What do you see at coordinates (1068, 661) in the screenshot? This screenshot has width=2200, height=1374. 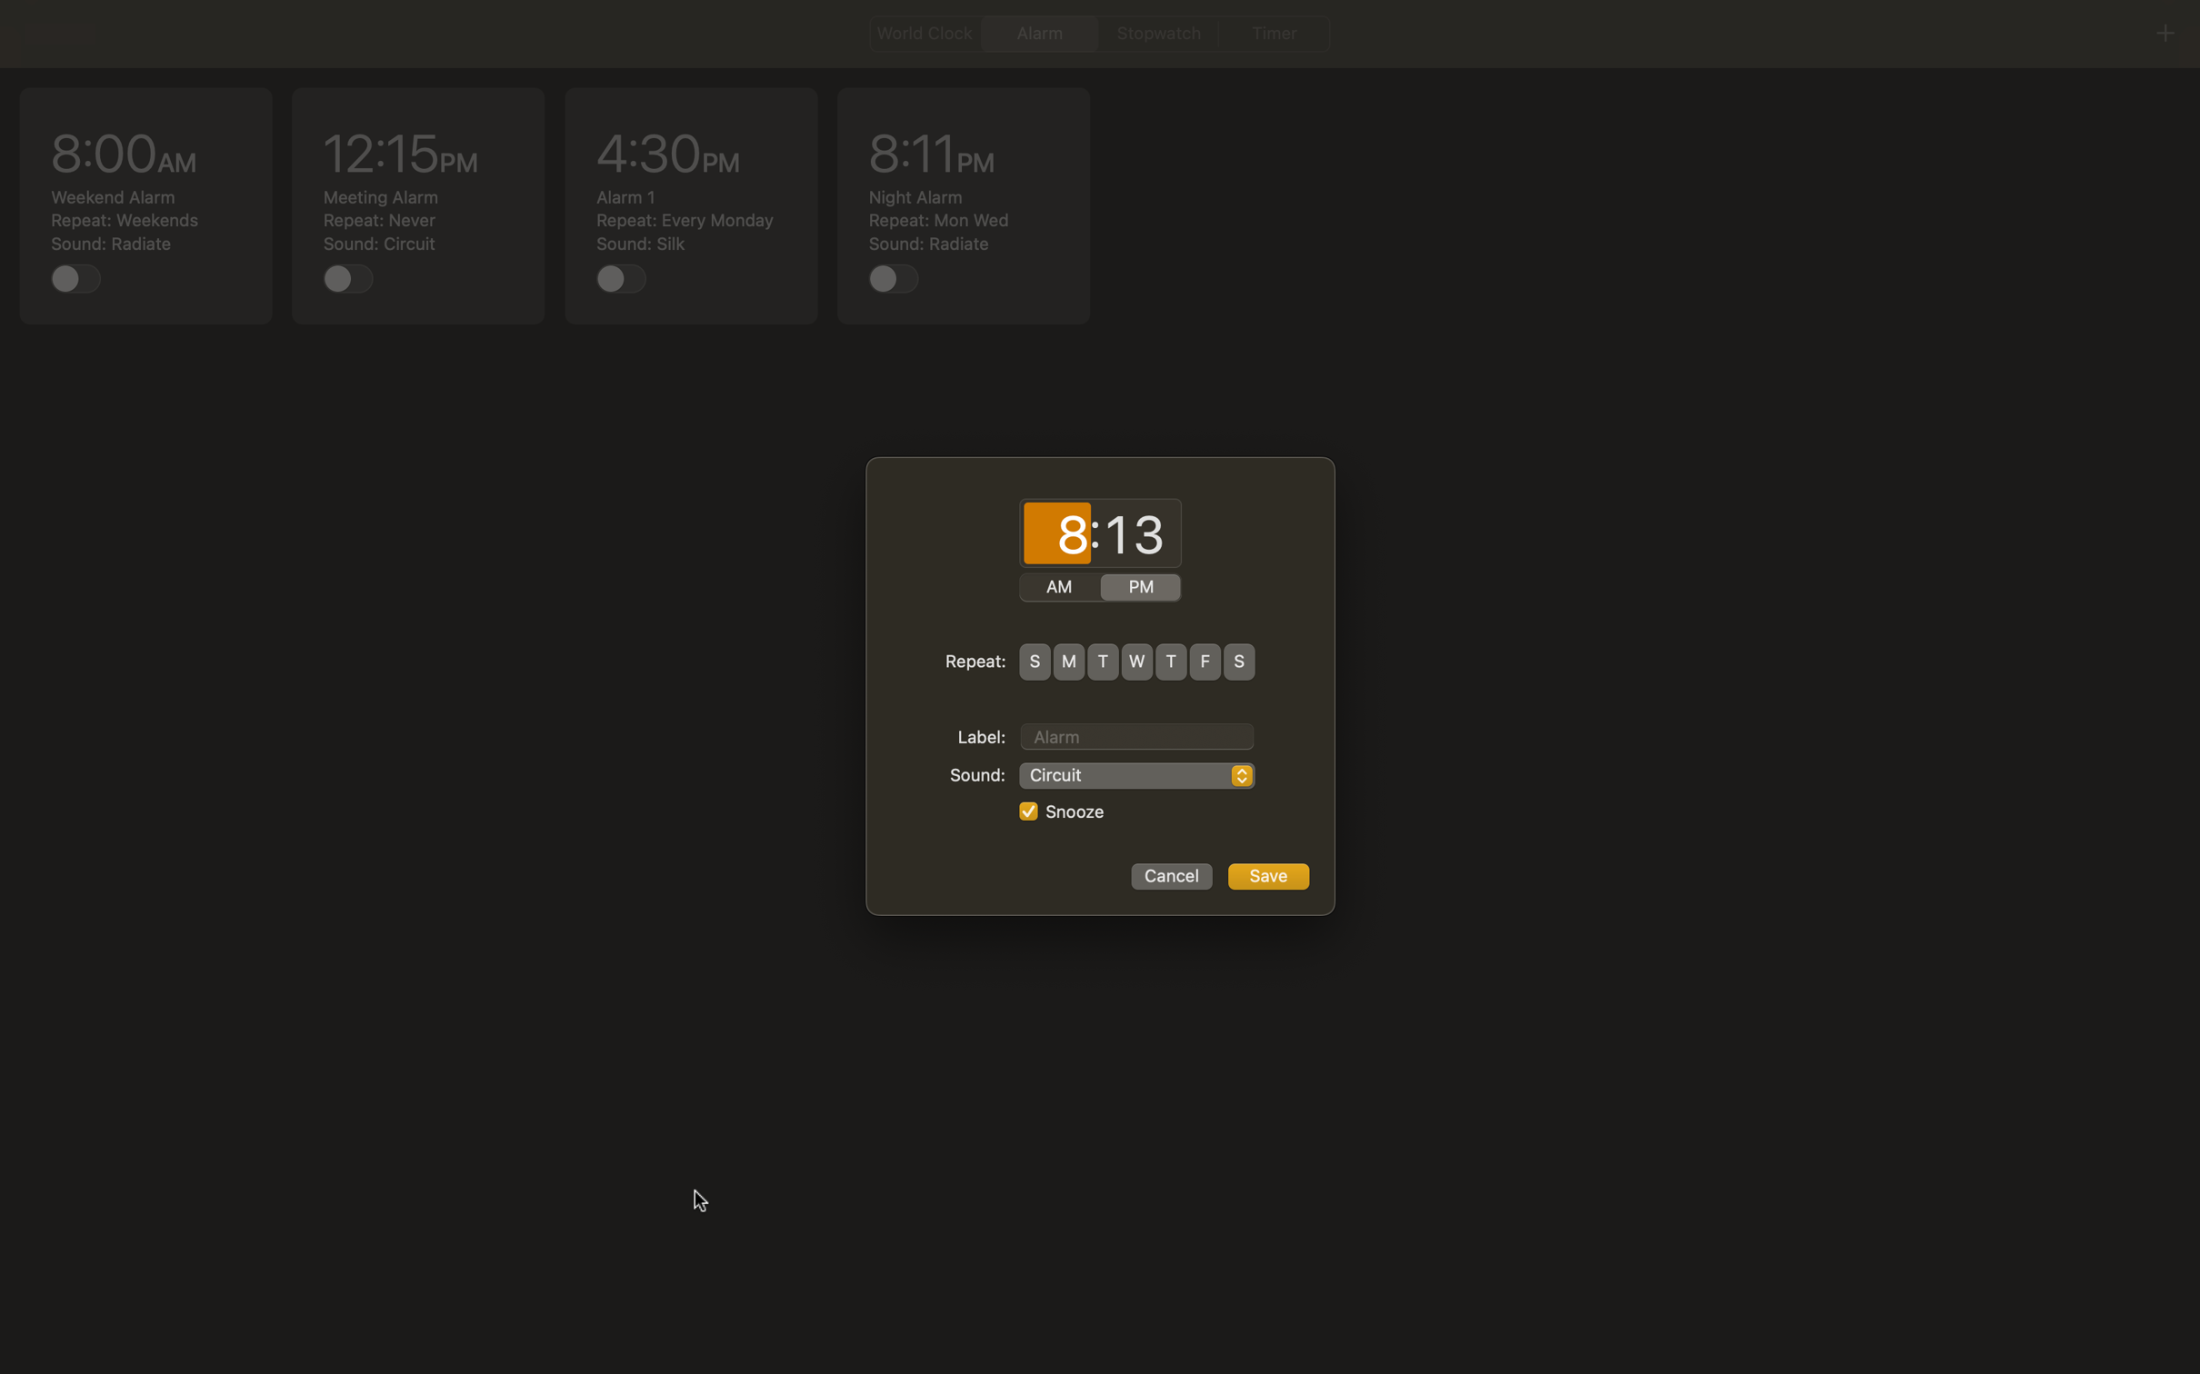 I see `Repeat alarm every weekday` at bounding box center [1068, 661].